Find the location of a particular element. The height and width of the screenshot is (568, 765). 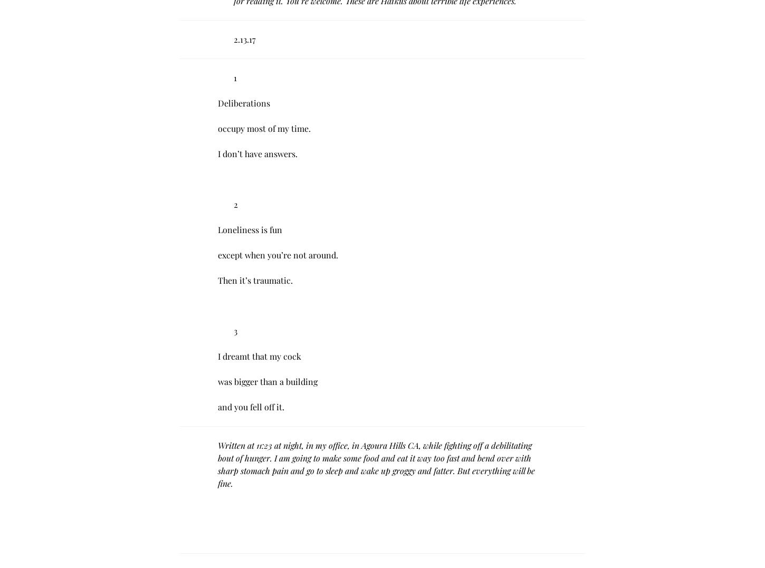

'Loneliness is fun' is located at coordinates (250, 229).